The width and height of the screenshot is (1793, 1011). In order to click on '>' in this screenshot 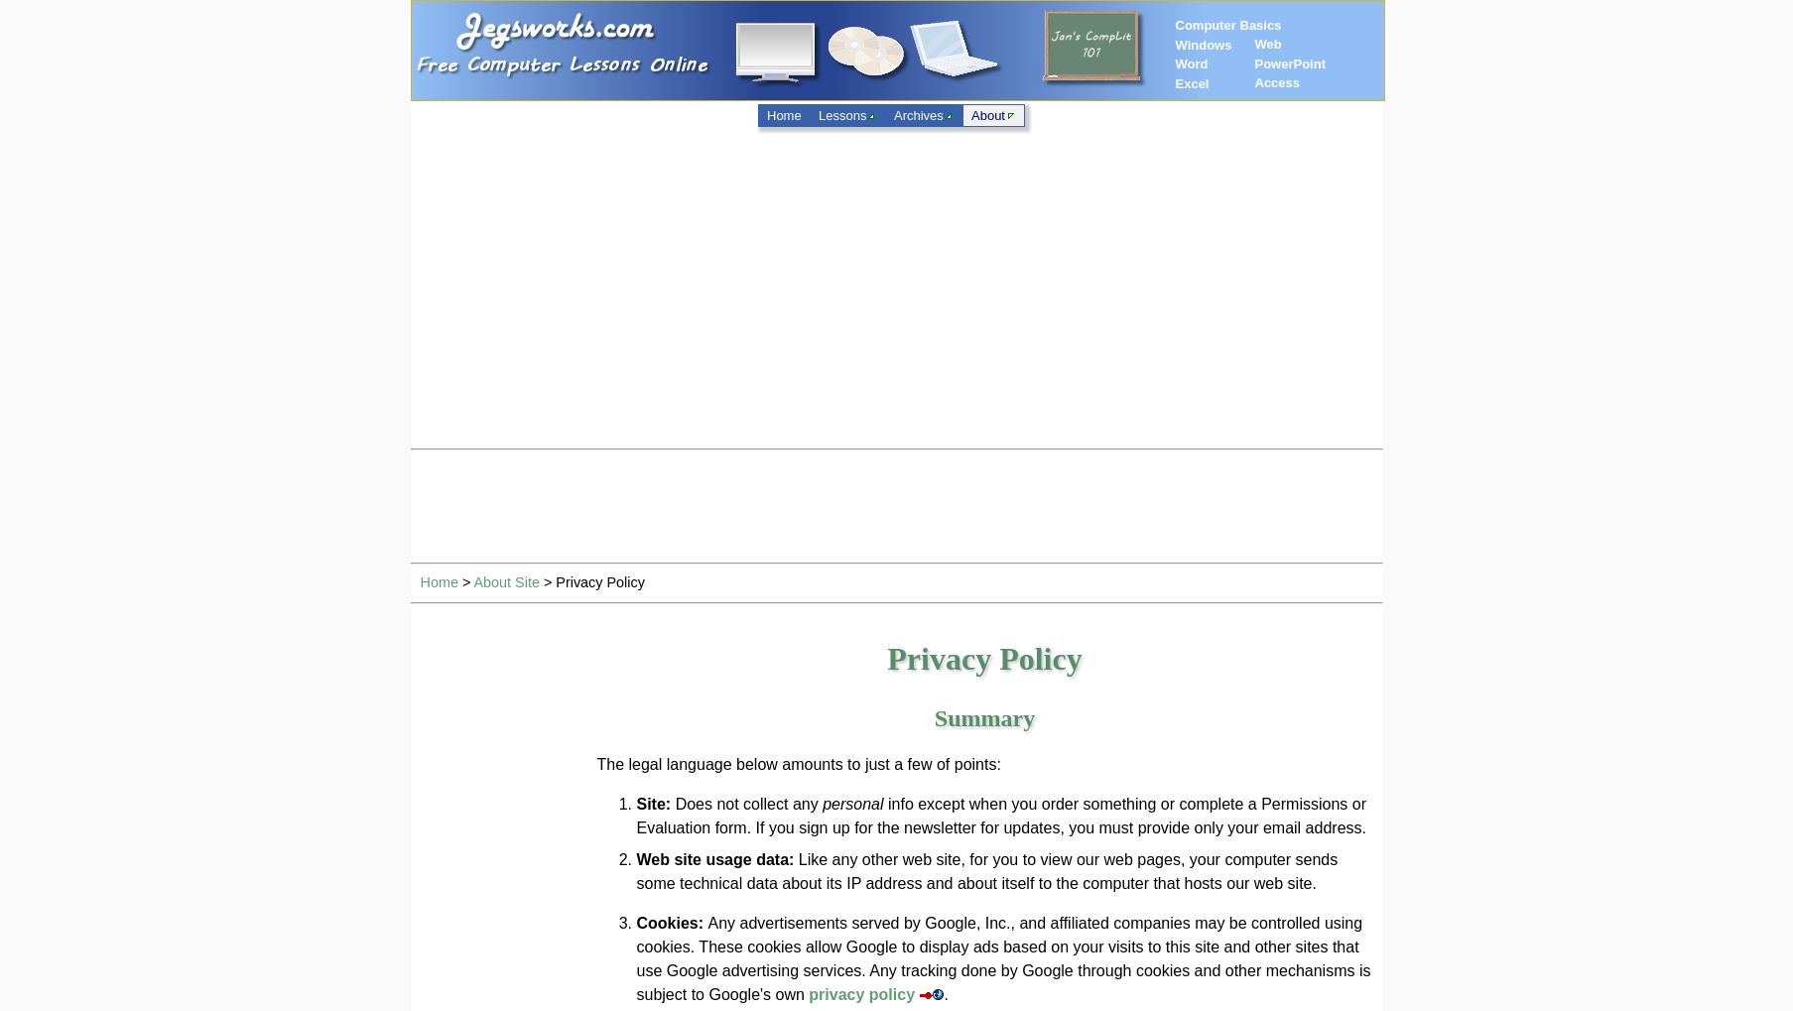, I will do `click(463, 581)`.